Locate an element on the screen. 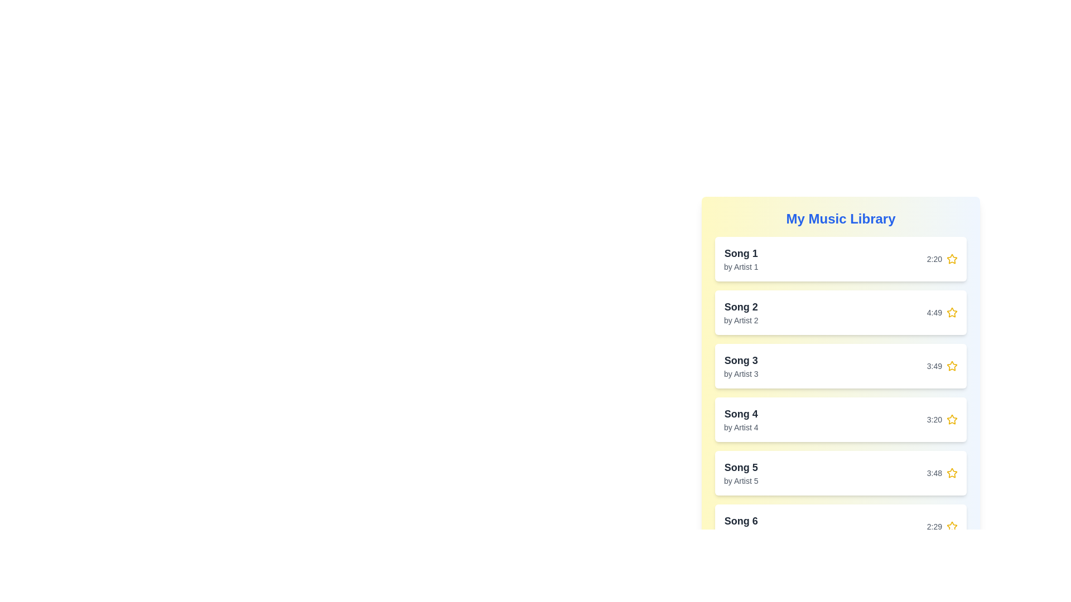 This screenshot has width=1071, height=602. the text display that presents the title and artist of the song, located in the third row of the music library list, positioned within the left half of the individual item block is located at coordinates (741, 366).